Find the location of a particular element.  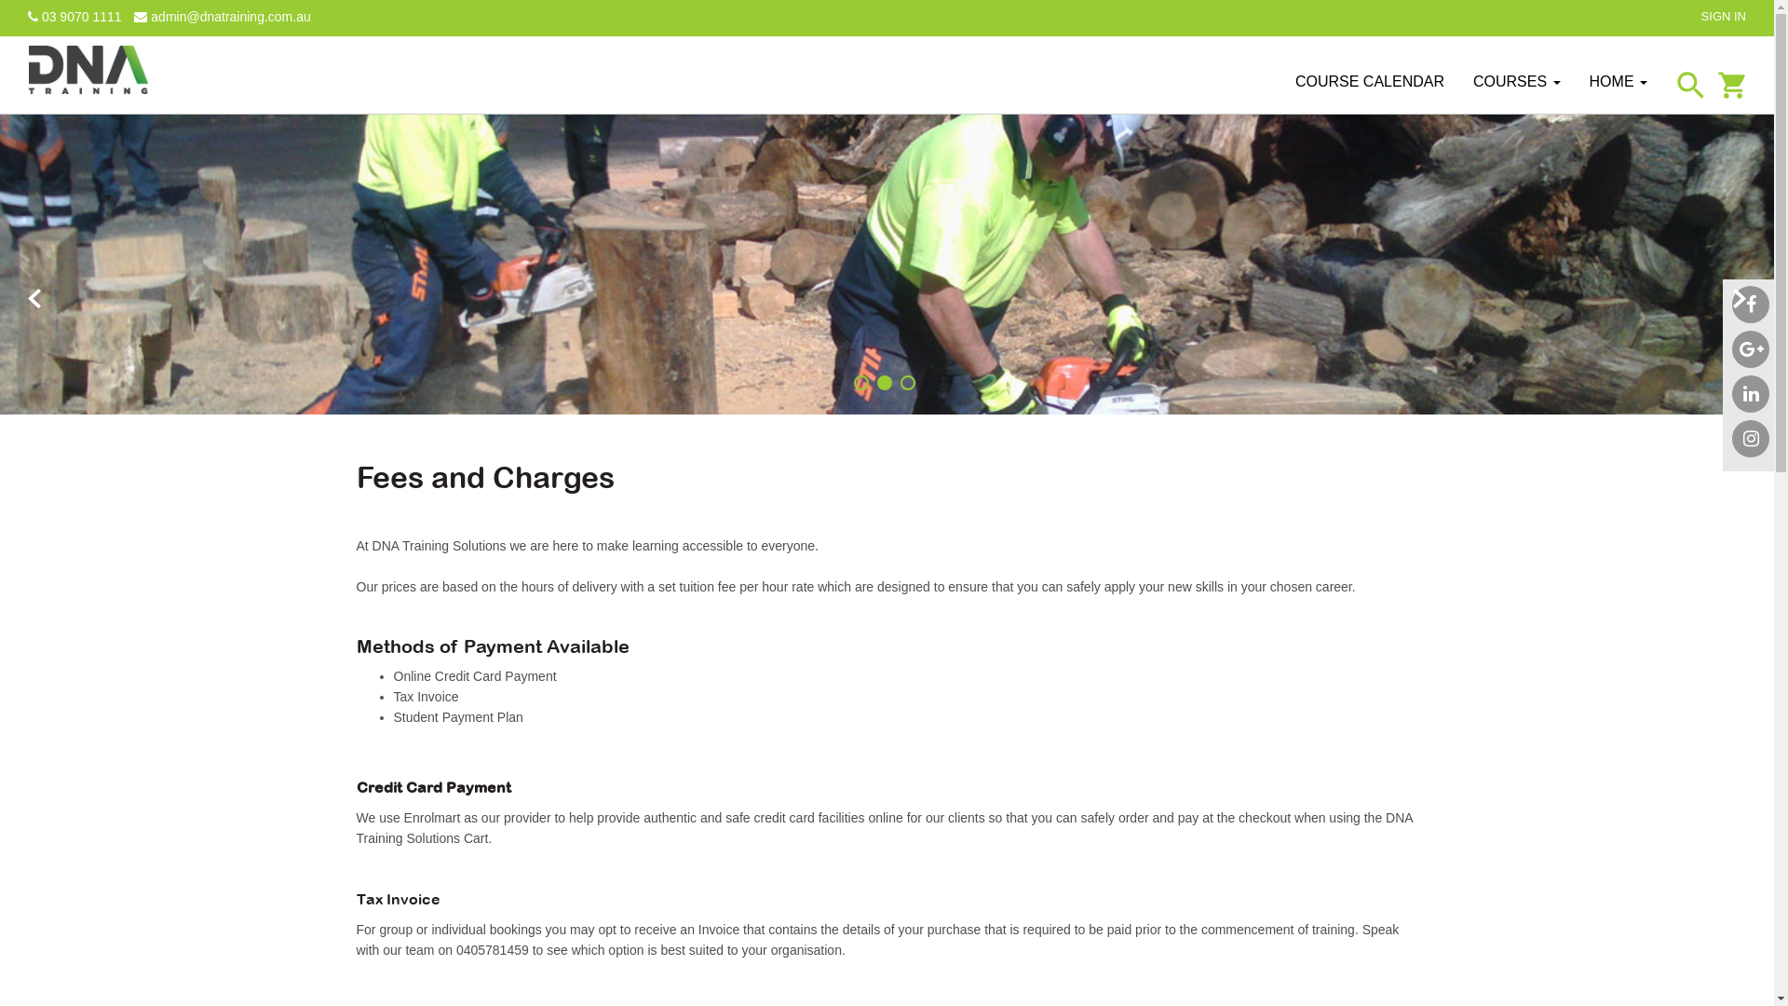

'HOME' is located at coordinates (1617, 79).